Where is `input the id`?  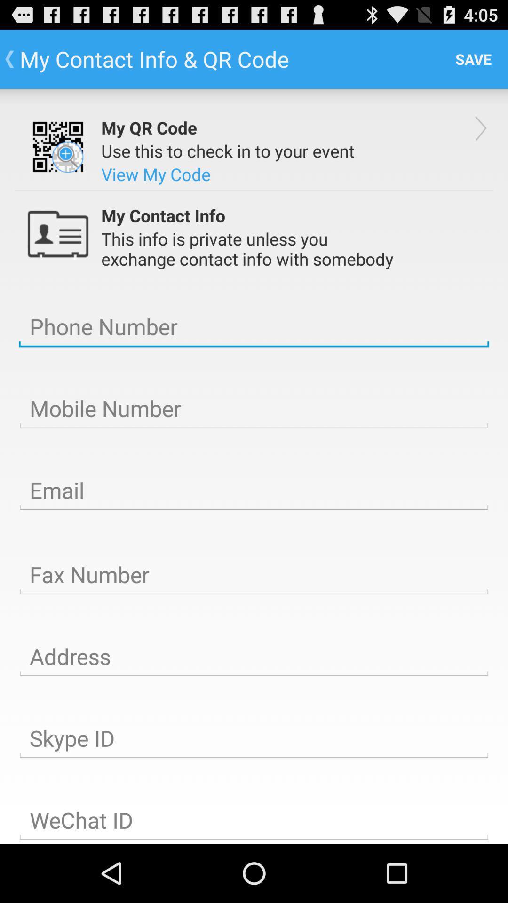
input the id is located at coordinates (254, 819).